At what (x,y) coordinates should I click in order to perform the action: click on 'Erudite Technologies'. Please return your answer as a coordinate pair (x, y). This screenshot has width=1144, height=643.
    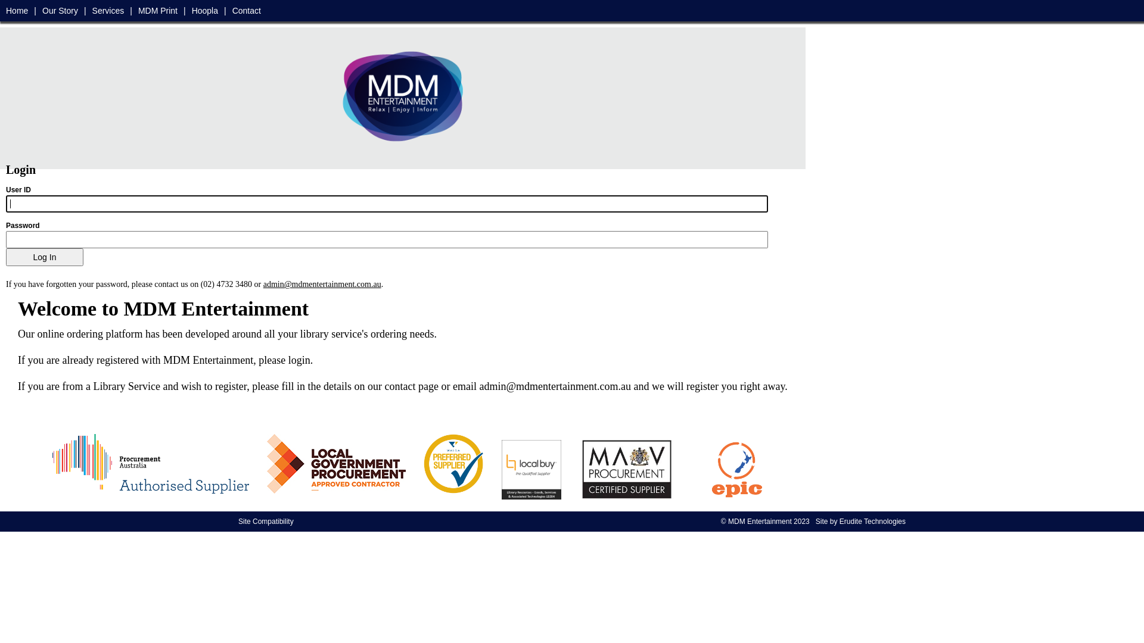
    Looking at the image, I should click on (872, 520).